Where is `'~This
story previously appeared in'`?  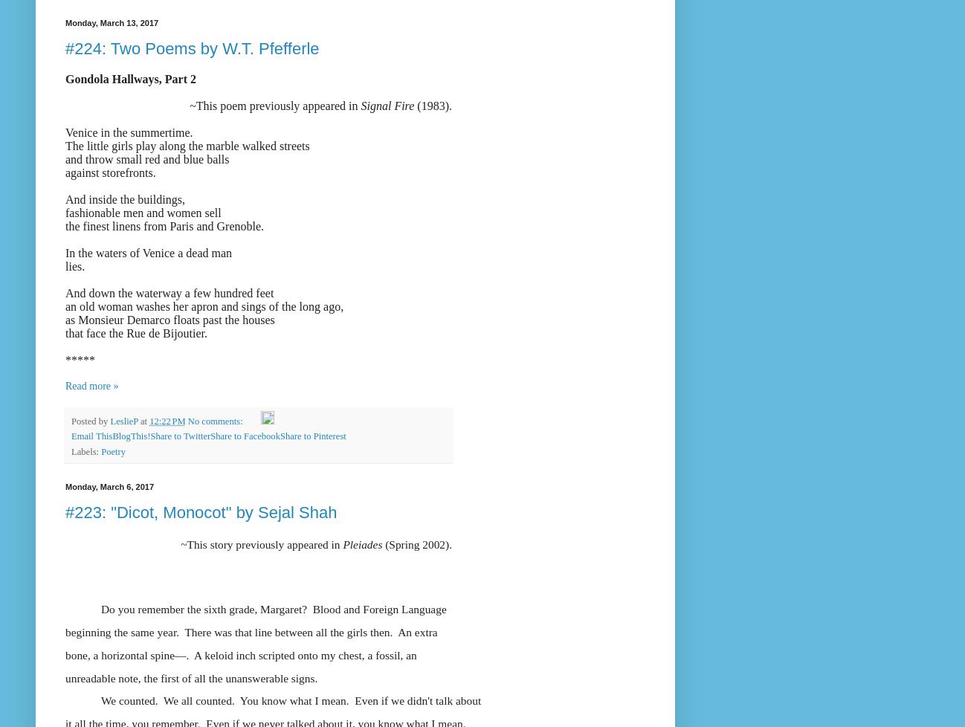
'~This
story previously appeared in' is located at coordinates (262, 544).